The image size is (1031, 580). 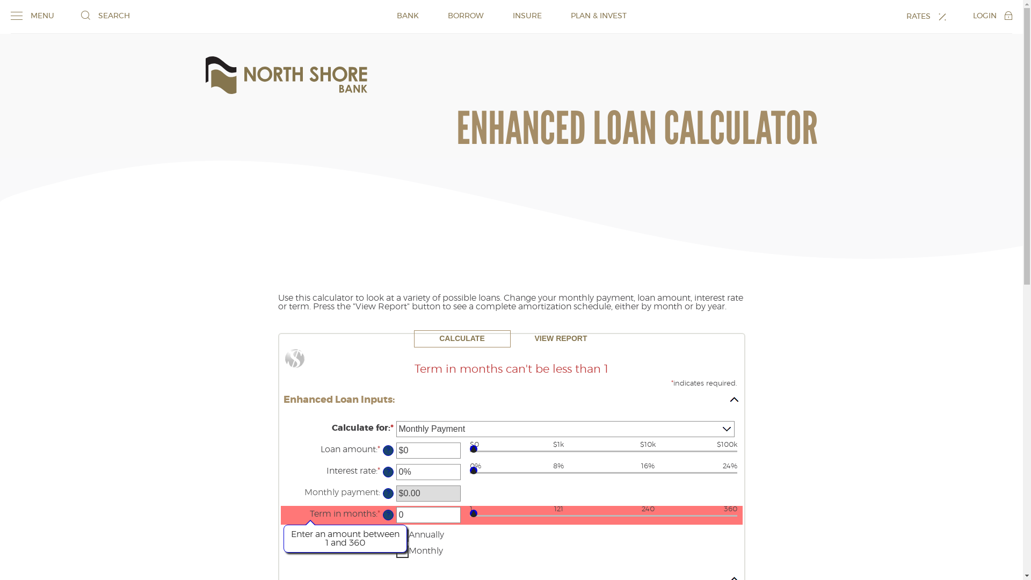 I want to click on 'RATES', so click(x=925, y=16).